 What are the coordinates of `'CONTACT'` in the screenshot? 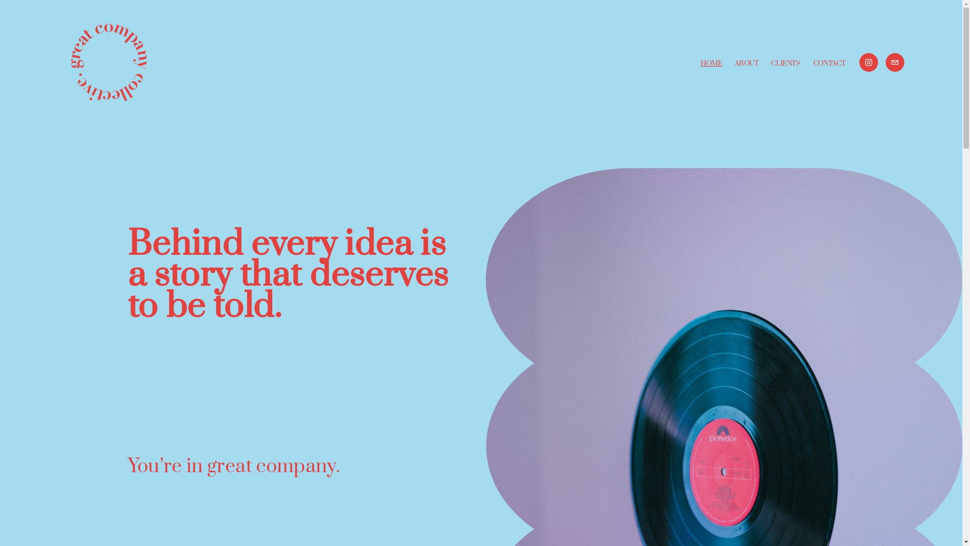 It's located at (829, 64).